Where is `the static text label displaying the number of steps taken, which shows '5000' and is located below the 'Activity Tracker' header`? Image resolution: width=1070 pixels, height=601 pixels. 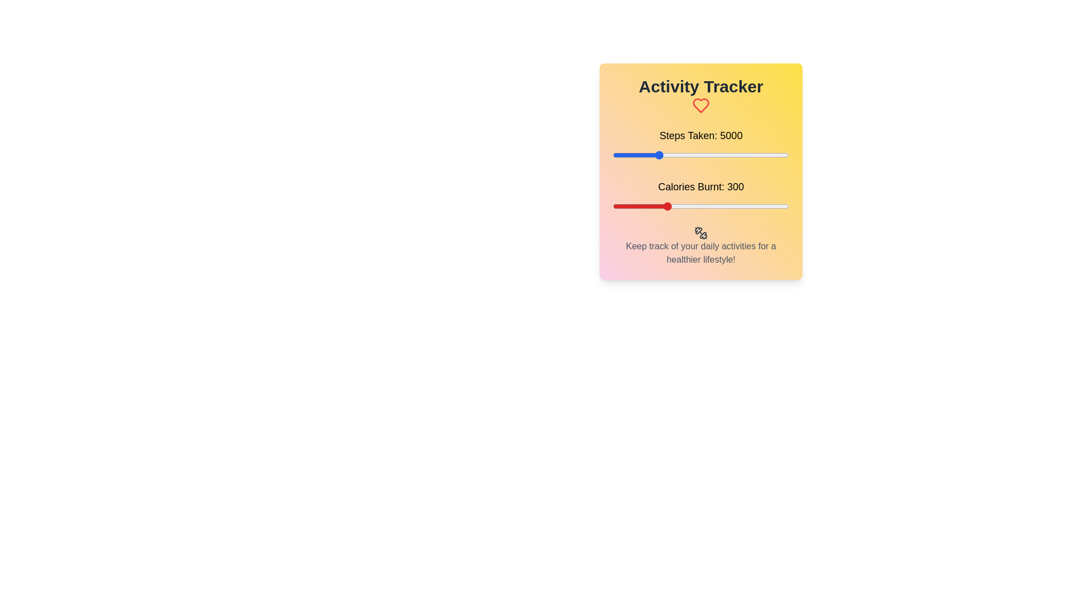 the static text label displaying the number of steps taken, which shows '5000' and is located below the 'Activity Tracker' header is located at coordinates (700, 135).